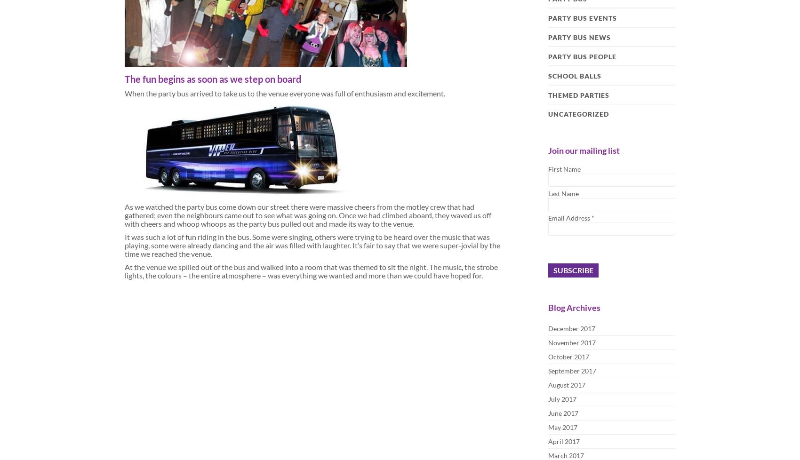  I want to click on 'Party Bus People', so click(582, 56).